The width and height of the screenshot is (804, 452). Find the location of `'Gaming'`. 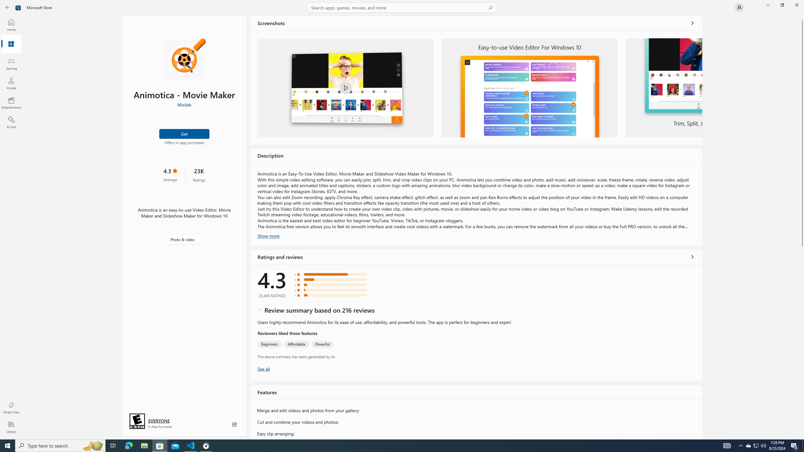

'Gaming' is located at coordinates (11, 63).